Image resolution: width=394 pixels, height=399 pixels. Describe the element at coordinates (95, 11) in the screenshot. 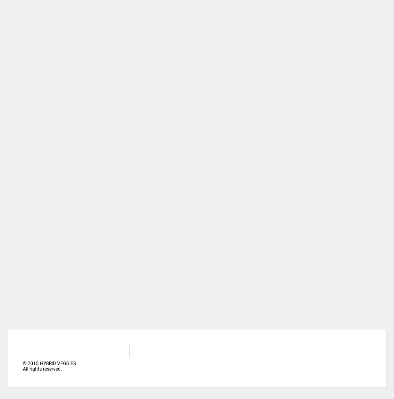

I see `'A TO Z YOU NEED TO RAISE TOMATO NURSERY (PART TWO)'` at that location.